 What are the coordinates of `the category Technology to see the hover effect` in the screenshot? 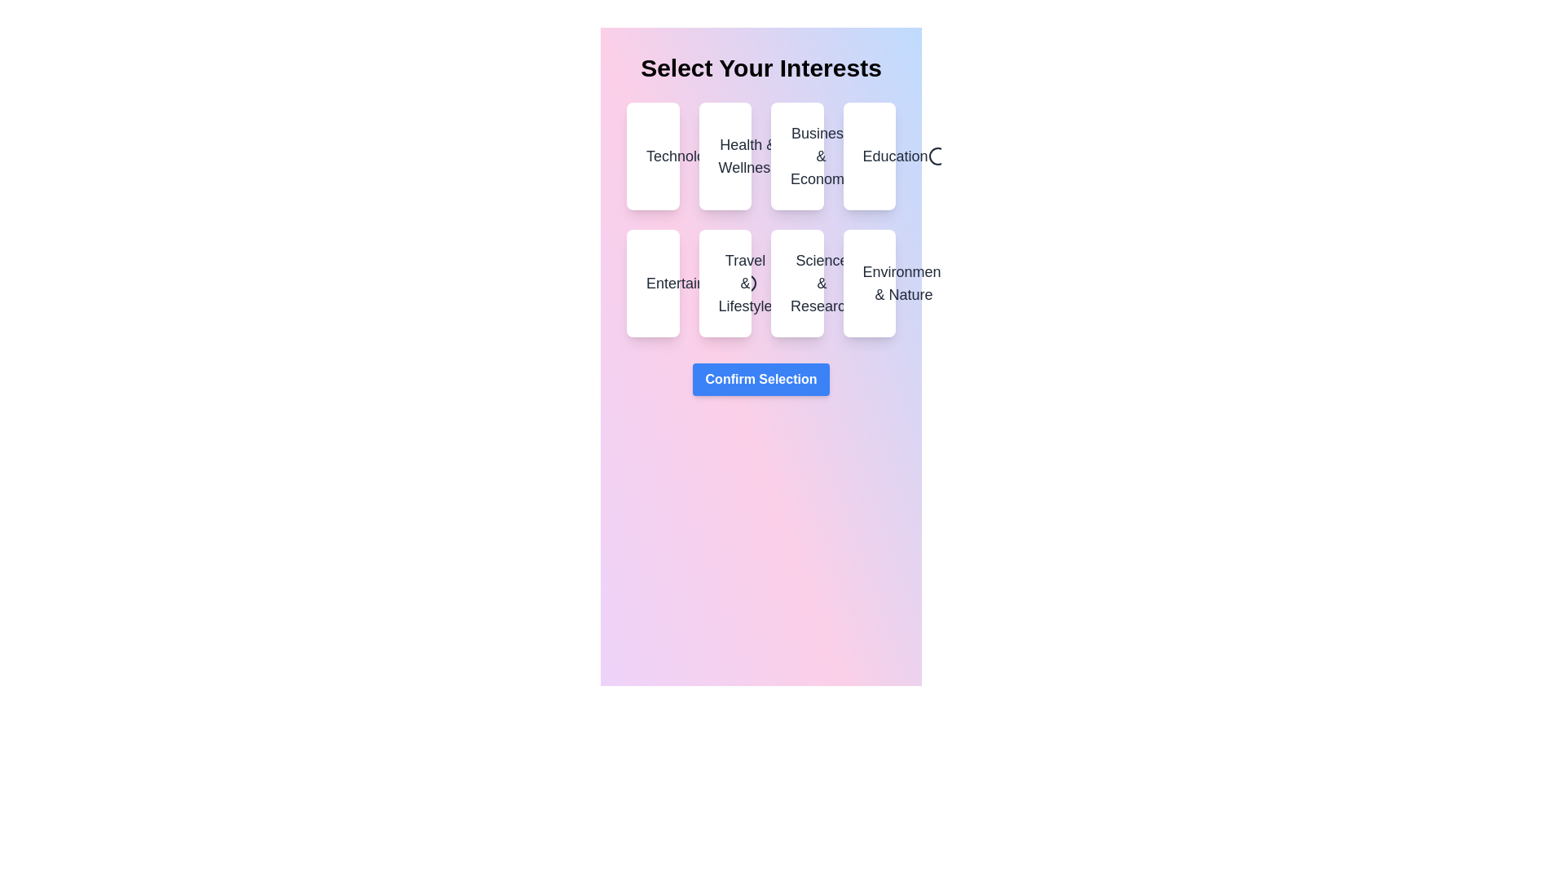 It's located at (653, 156).